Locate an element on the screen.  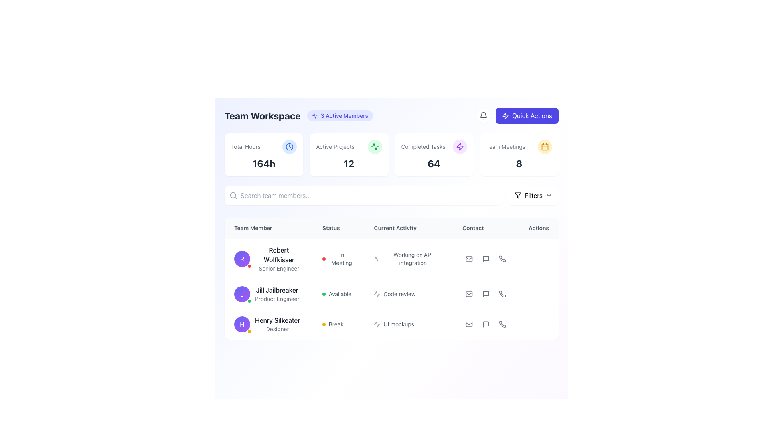
the ellipsis menu button represented by three horizontally aligned gray dots in the 'Actions' column of the third row corresponding to 'Henry Silkeater' is located at coordinates (539, 324).